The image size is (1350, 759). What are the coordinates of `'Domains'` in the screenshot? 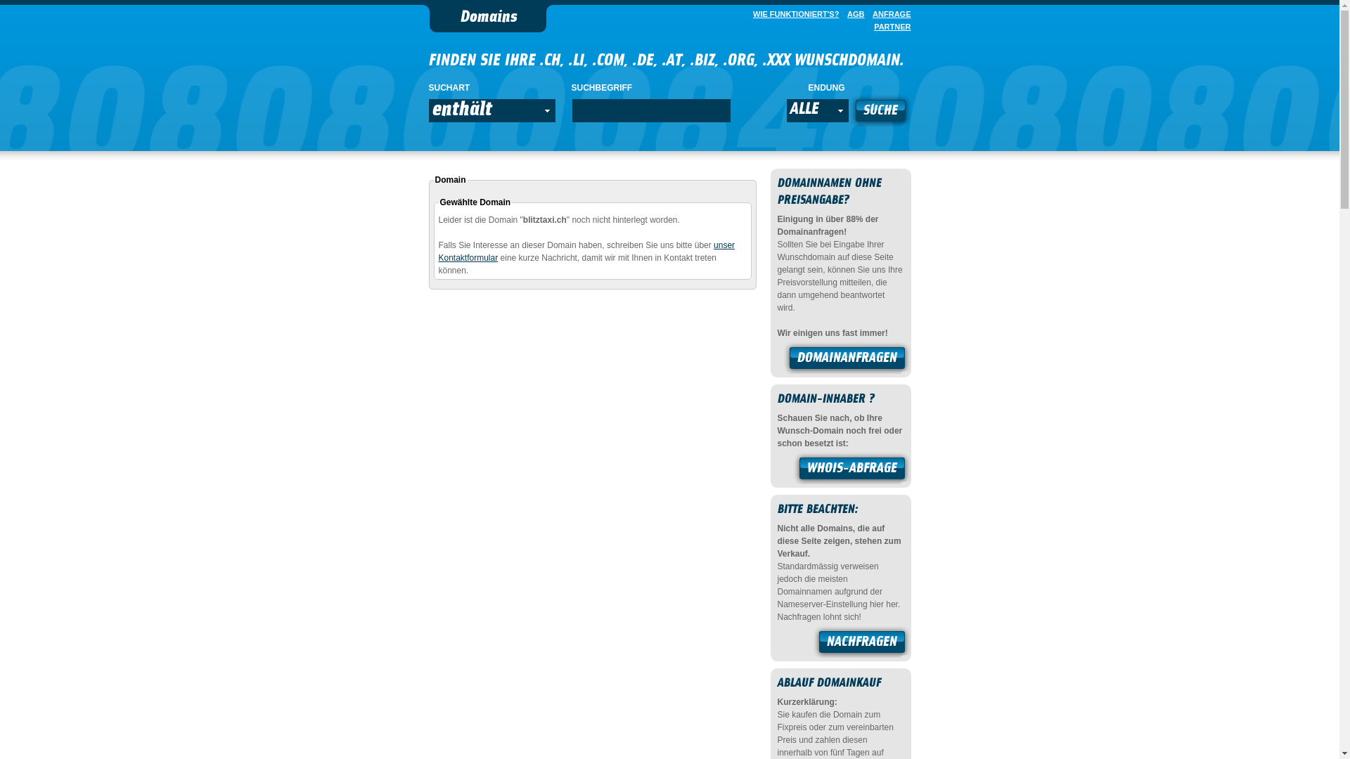 It's located at (488, 18).